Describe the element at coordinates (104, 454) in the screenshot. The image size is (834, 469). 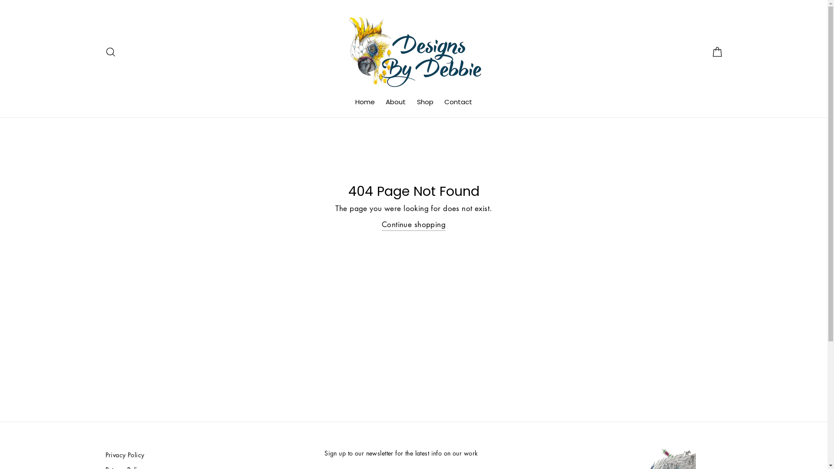
I see `'Privacy Policy'` at that location.